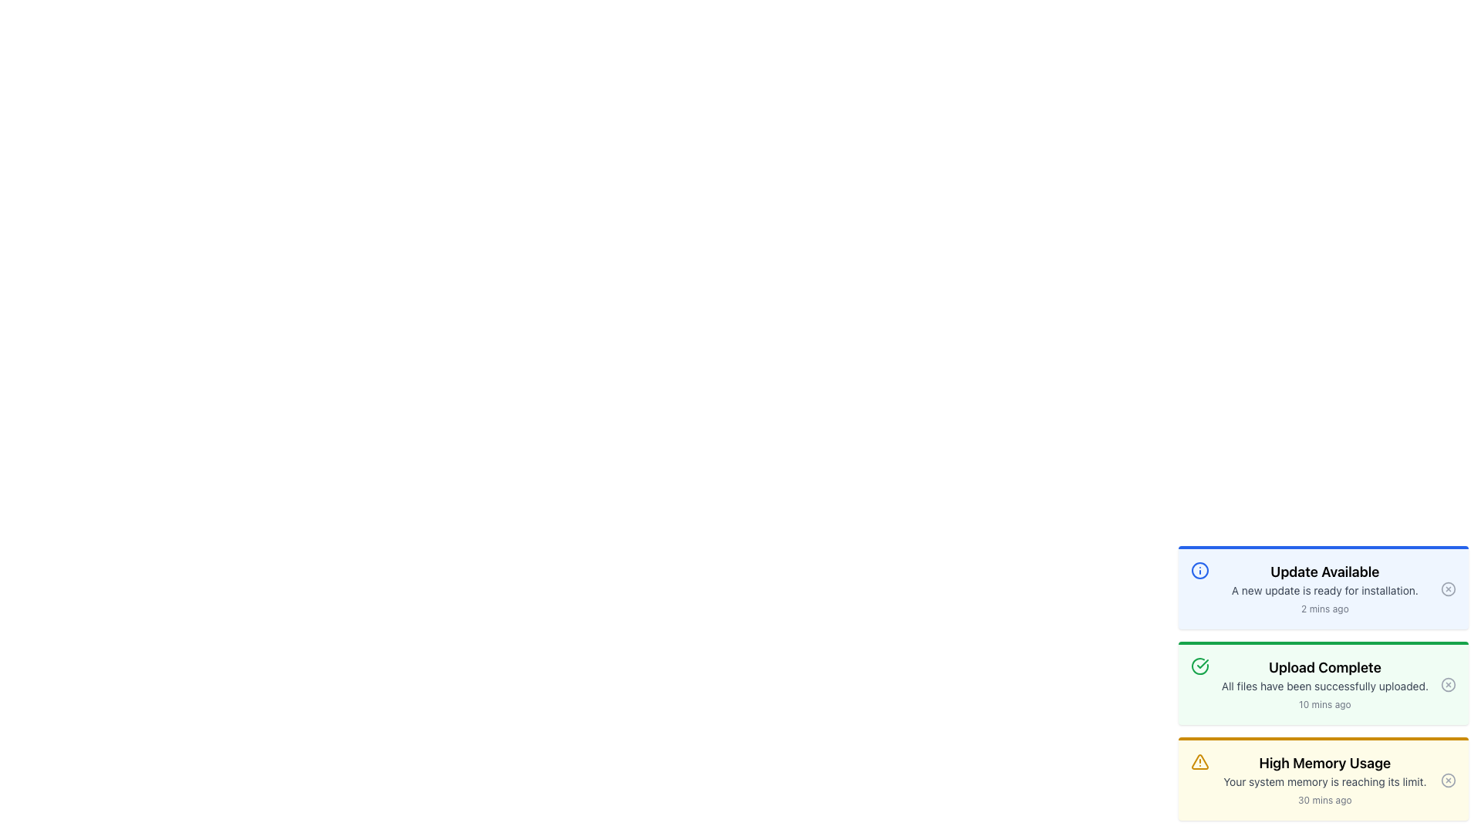 This screenshot has height=833, width=1481. What do you see at coordinates (1324, 667) in the screenshot?
I see `the 'Upload Complete' text element, which is styled in bold and located in the green notification box at the center of the second card in a vertical list` at bounding box center [1324, 667].